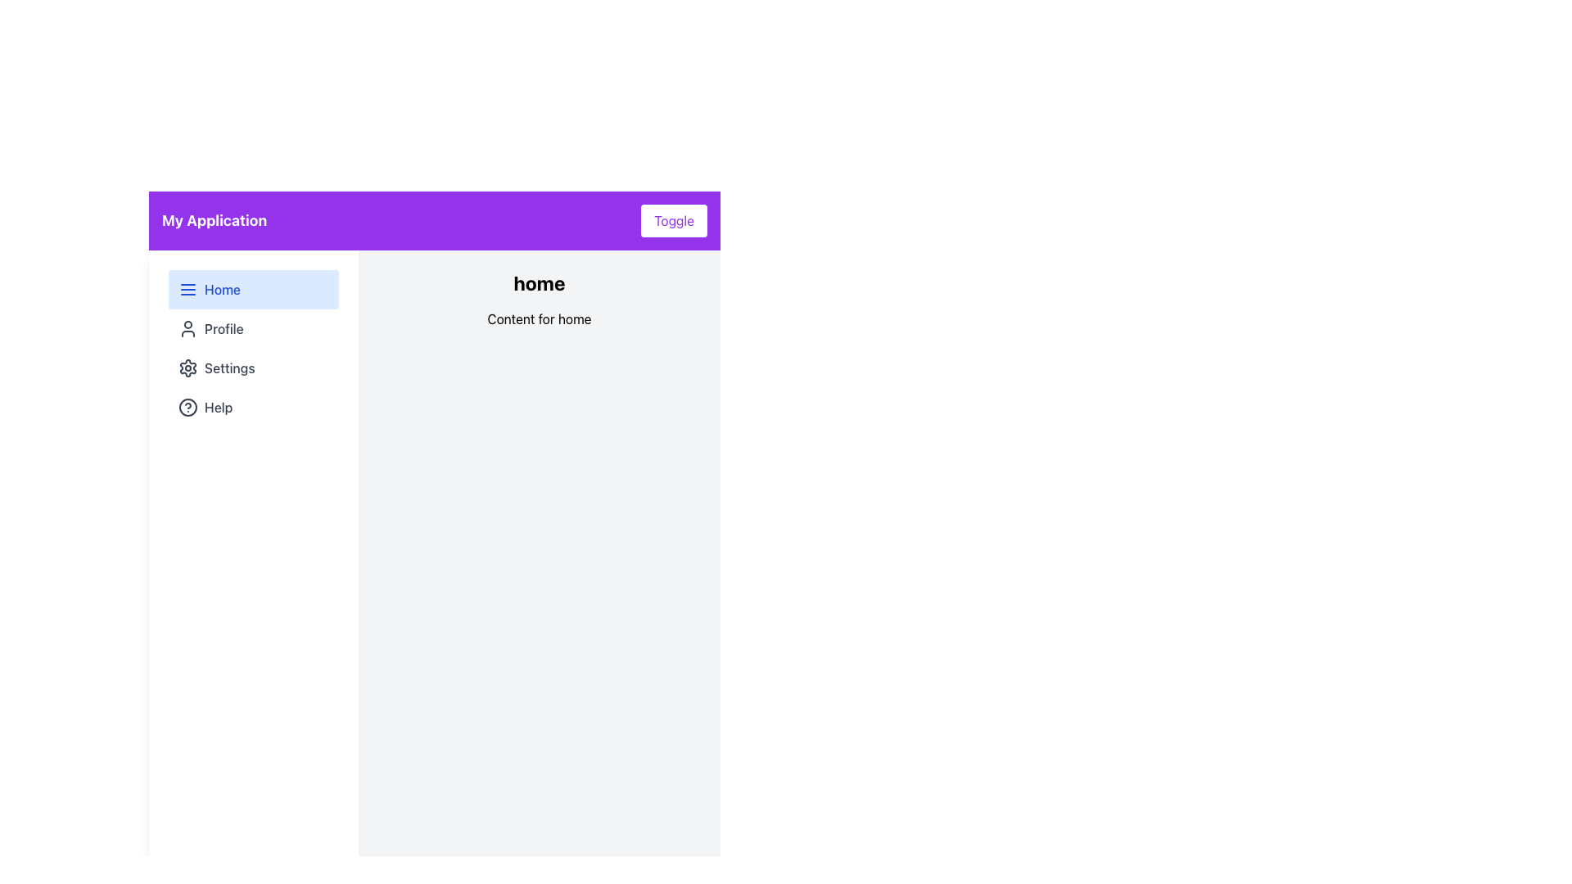  I want to click on the user icon in the left navigation panel, which is part of the 'Profile' menu item, located below 'Home' and above 'Settings', so click(188, 328).